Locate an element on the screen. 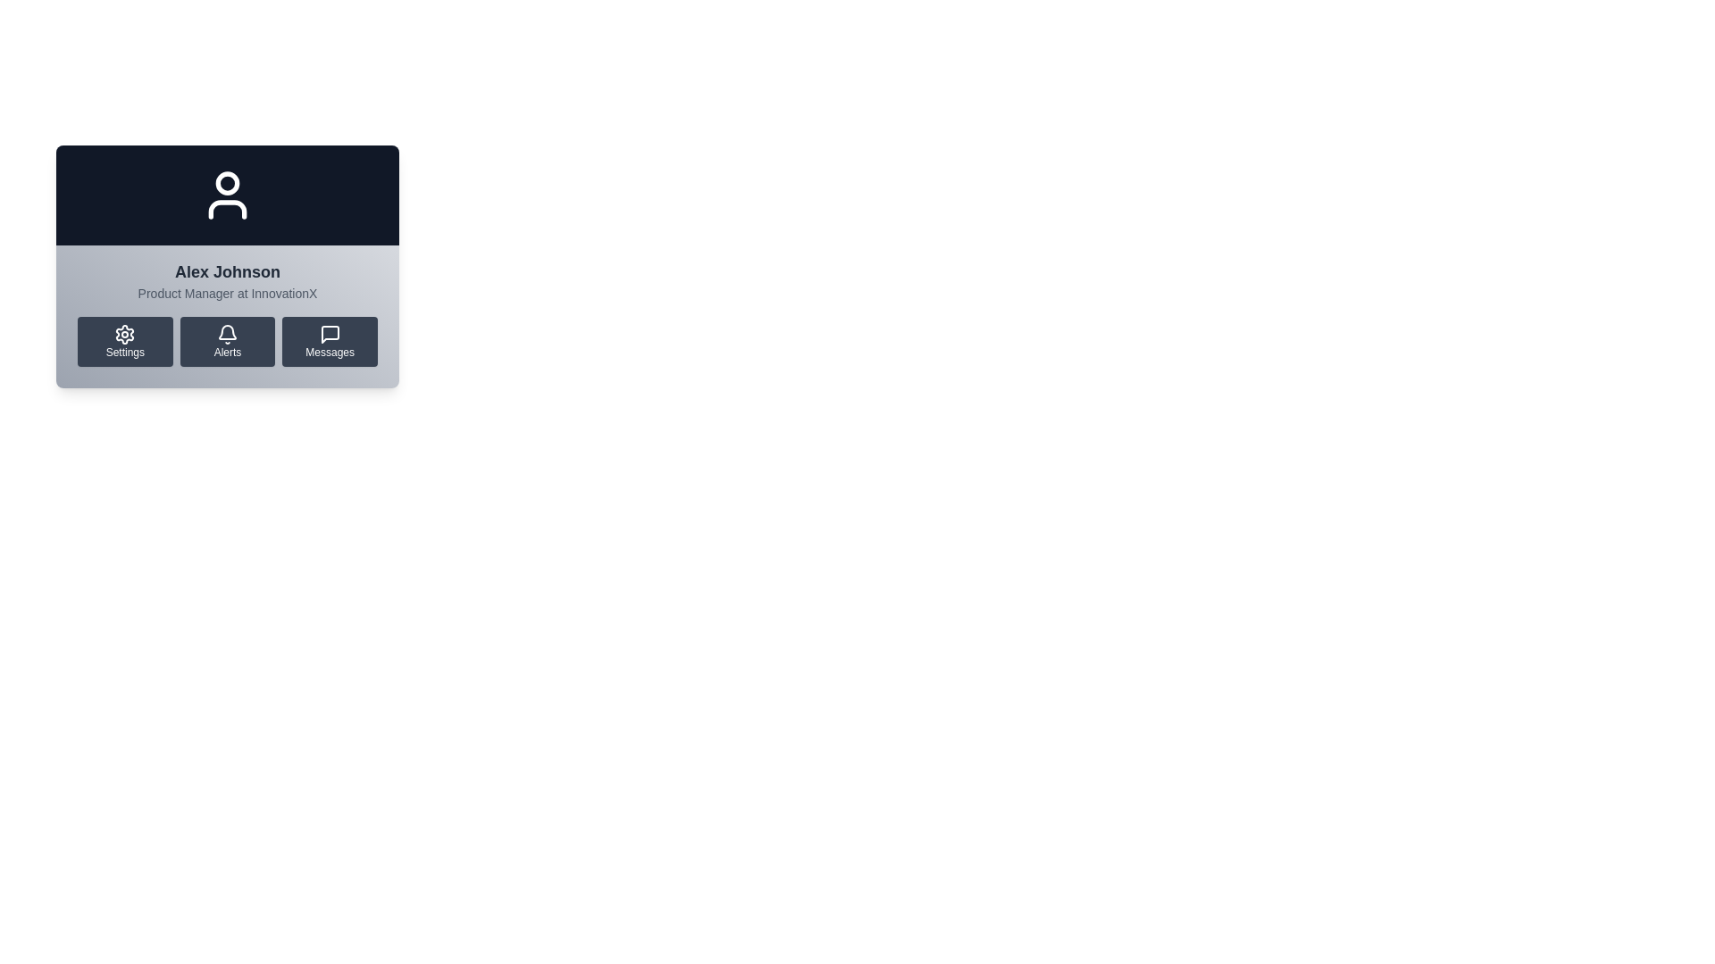 This screenshot has width=1715, height=964. the text label located below the bell-shaped icon in the button structure between 'Settings' and 'Messages' at the bottom of the panel is located at coordinates (226, 352).